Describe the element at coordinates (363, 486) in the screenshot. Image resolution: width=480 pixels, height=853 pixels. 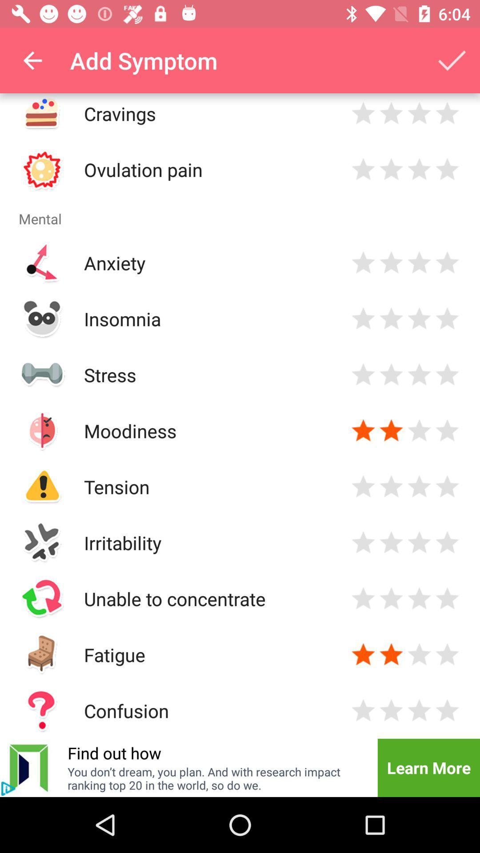
I see `rate tension` at that location.